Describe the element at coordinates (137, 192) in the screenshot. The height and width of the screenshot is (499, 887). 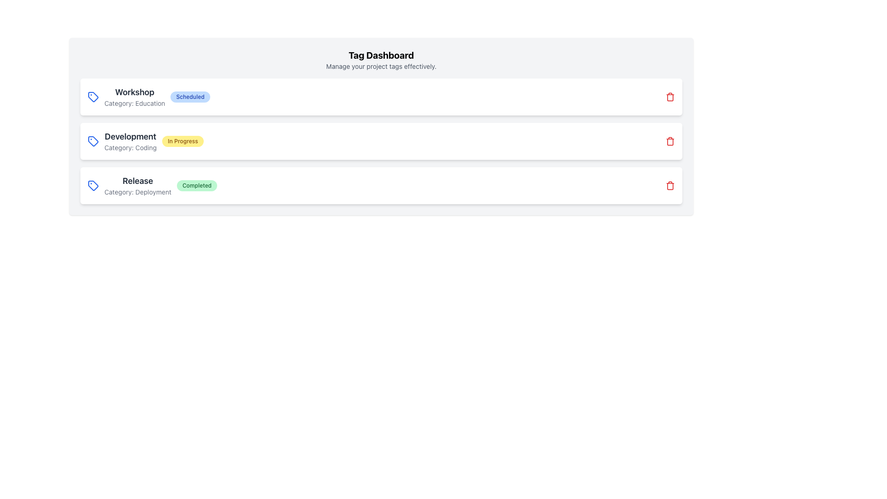
I see `the informational text that indicates the classification as 'Deployment', located under the 'Release' title and aligned to the left of the content area` at that location.